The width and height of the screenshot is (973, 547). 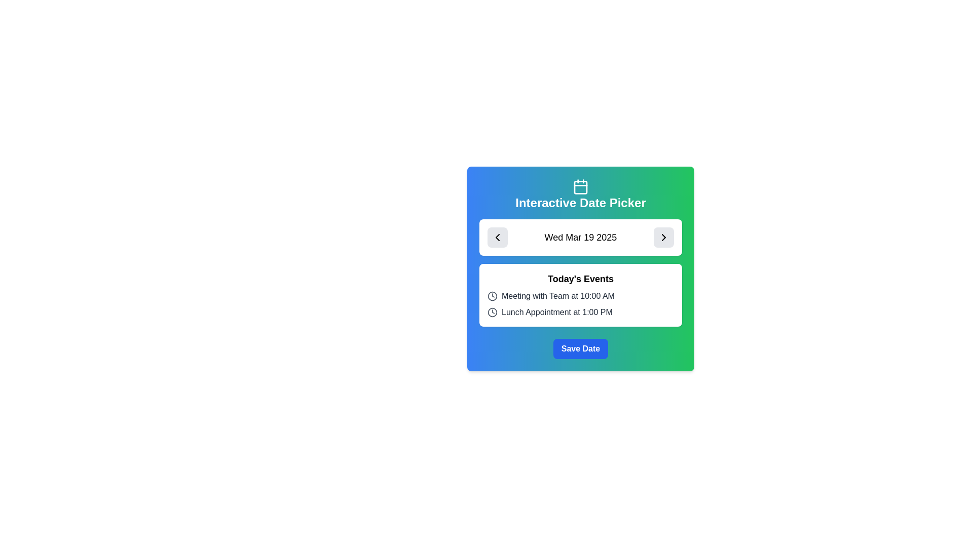 What do you see at coordinates (498, 238) in the screenshot?
I see `the left-facing chevron icon in the date picker section` at bounding box center [498, 238].